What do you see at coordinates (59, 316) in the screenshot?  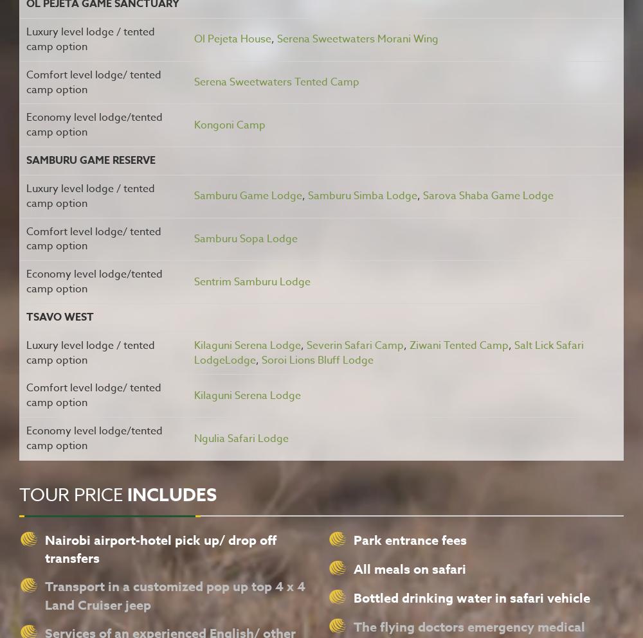 I see `'Tsavo West'` at bounding box center [59, 316].